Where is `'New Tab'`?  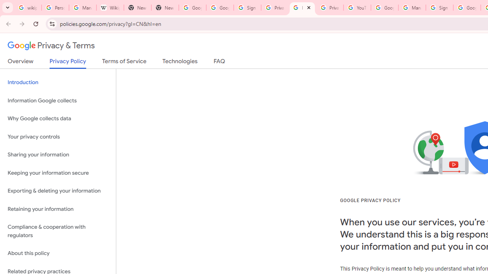
'New Tab' is located at coordinates (164, 8).